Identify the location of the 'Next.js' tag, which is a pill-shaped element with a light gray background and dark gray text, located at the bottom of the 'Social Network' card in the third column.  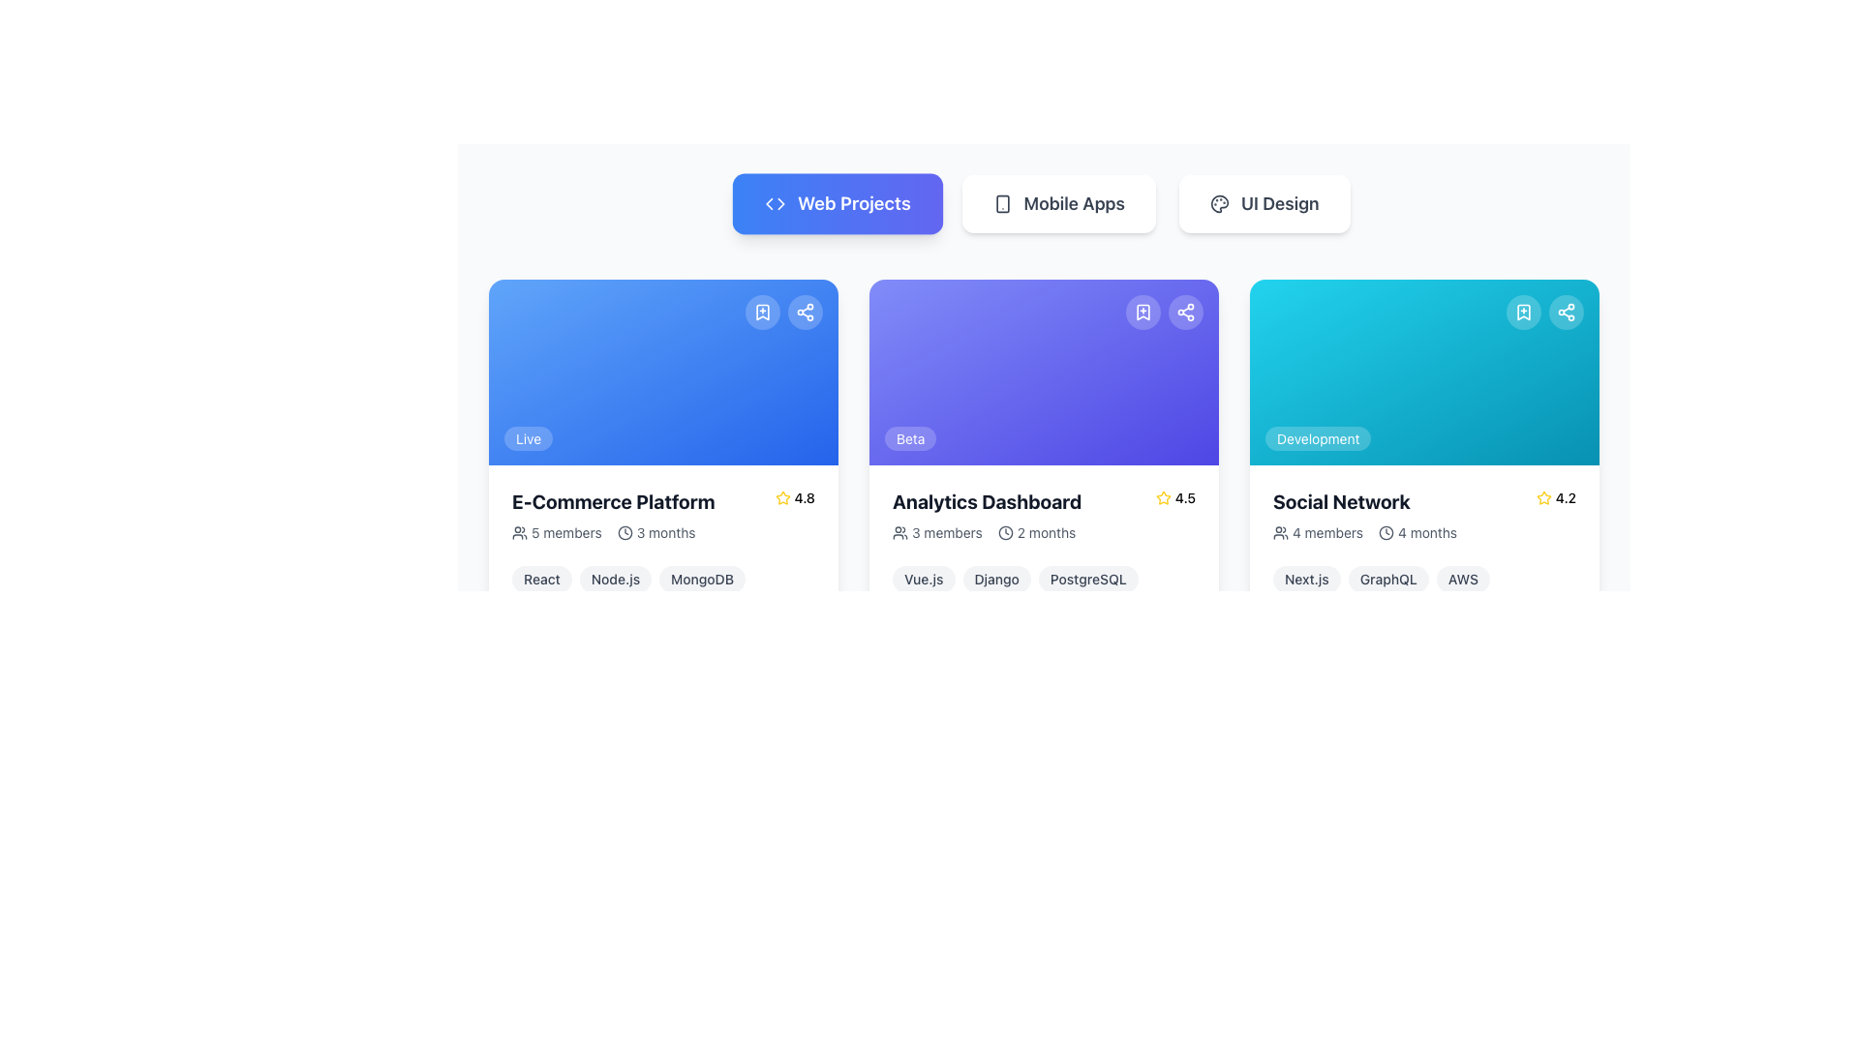
(1306, 578).